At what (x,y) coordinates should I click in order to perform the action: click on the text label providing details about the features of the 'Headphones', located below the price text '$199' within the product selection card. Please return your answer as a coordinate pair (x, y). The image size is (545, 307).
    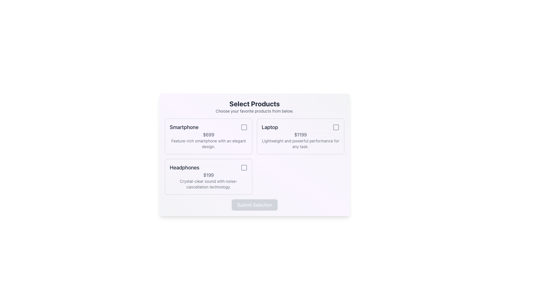
    Looking at the image, I should click on (208, 184).